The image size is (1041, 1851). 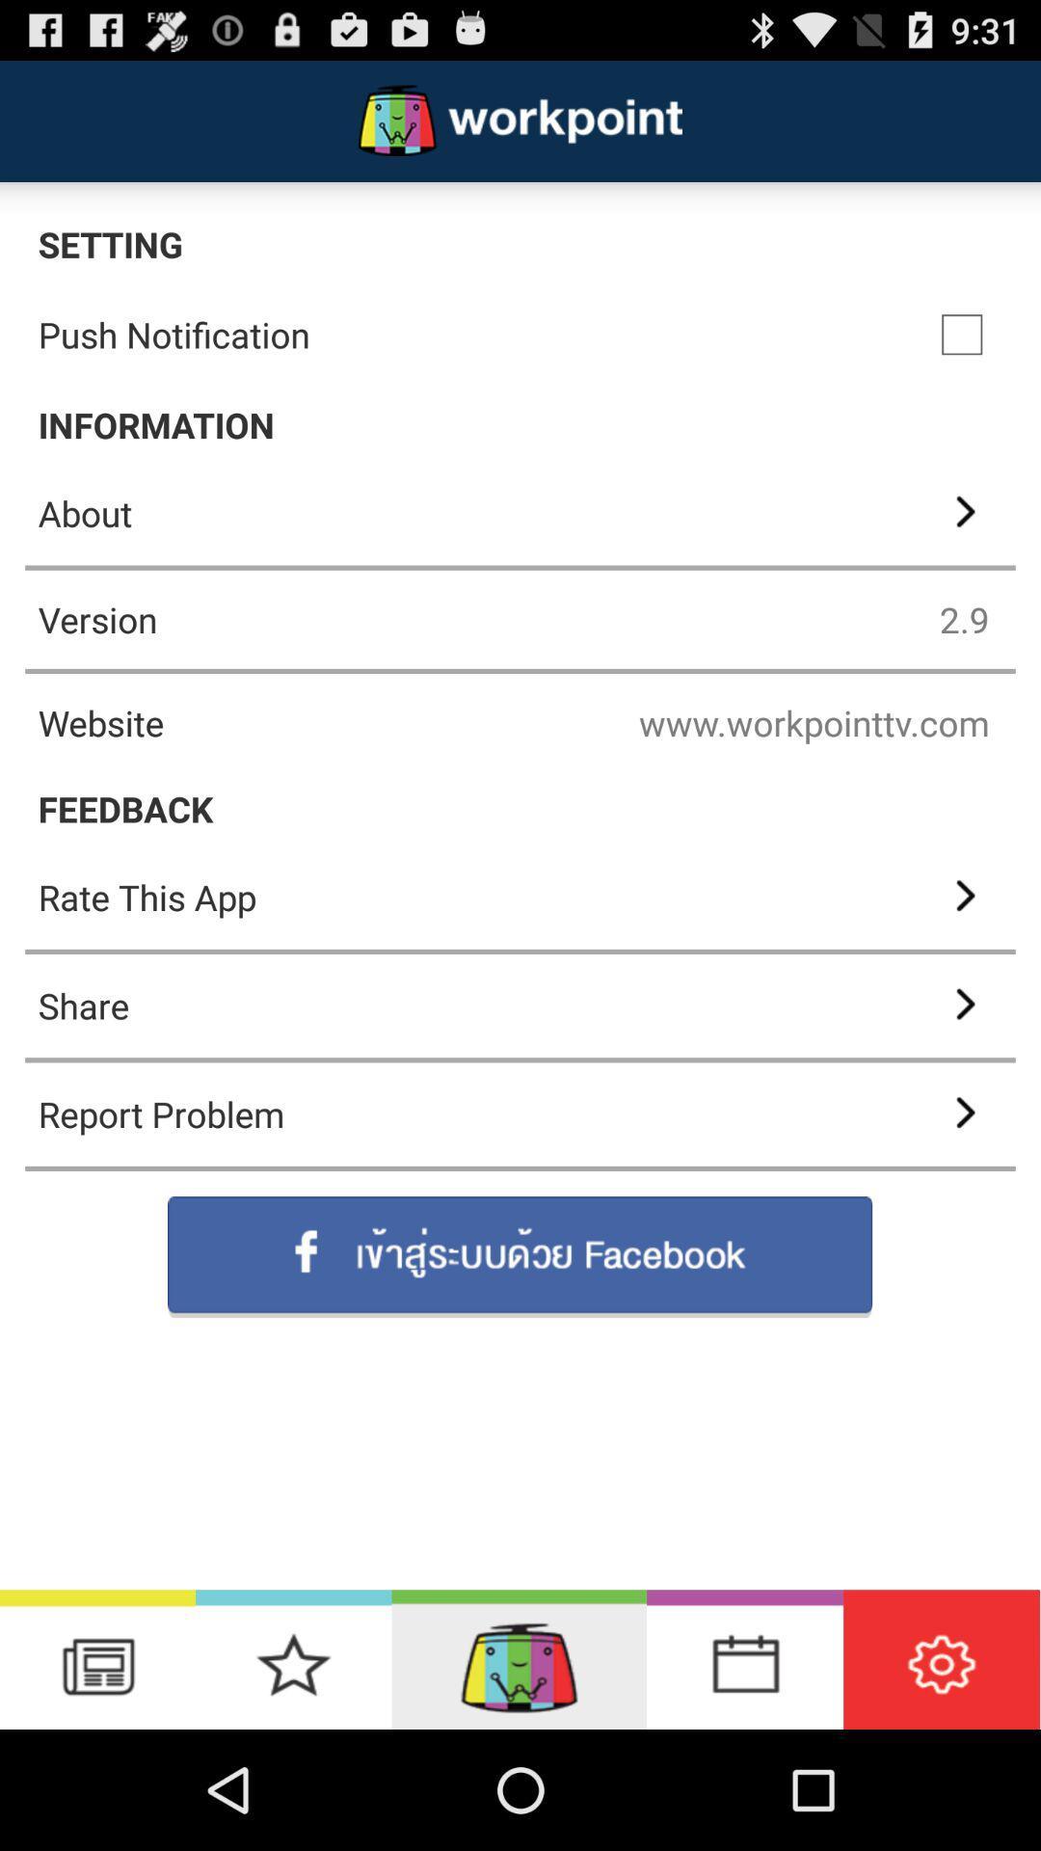 What do you see at coordinates (962, 335) in the screenshot?
I see `icon to the right of the push notification` at bounding box center [962, 335].